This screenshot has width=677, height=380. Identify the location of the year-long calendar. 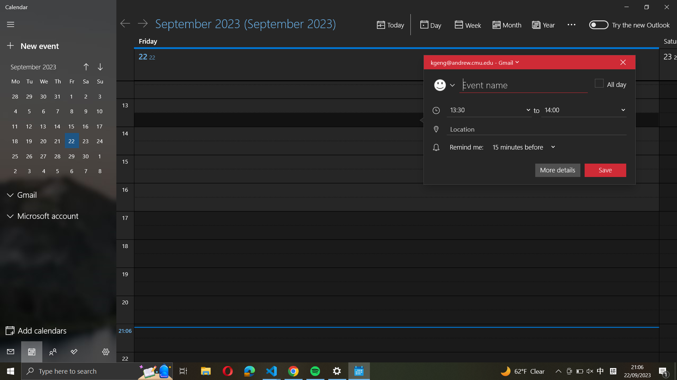
(545, 24).